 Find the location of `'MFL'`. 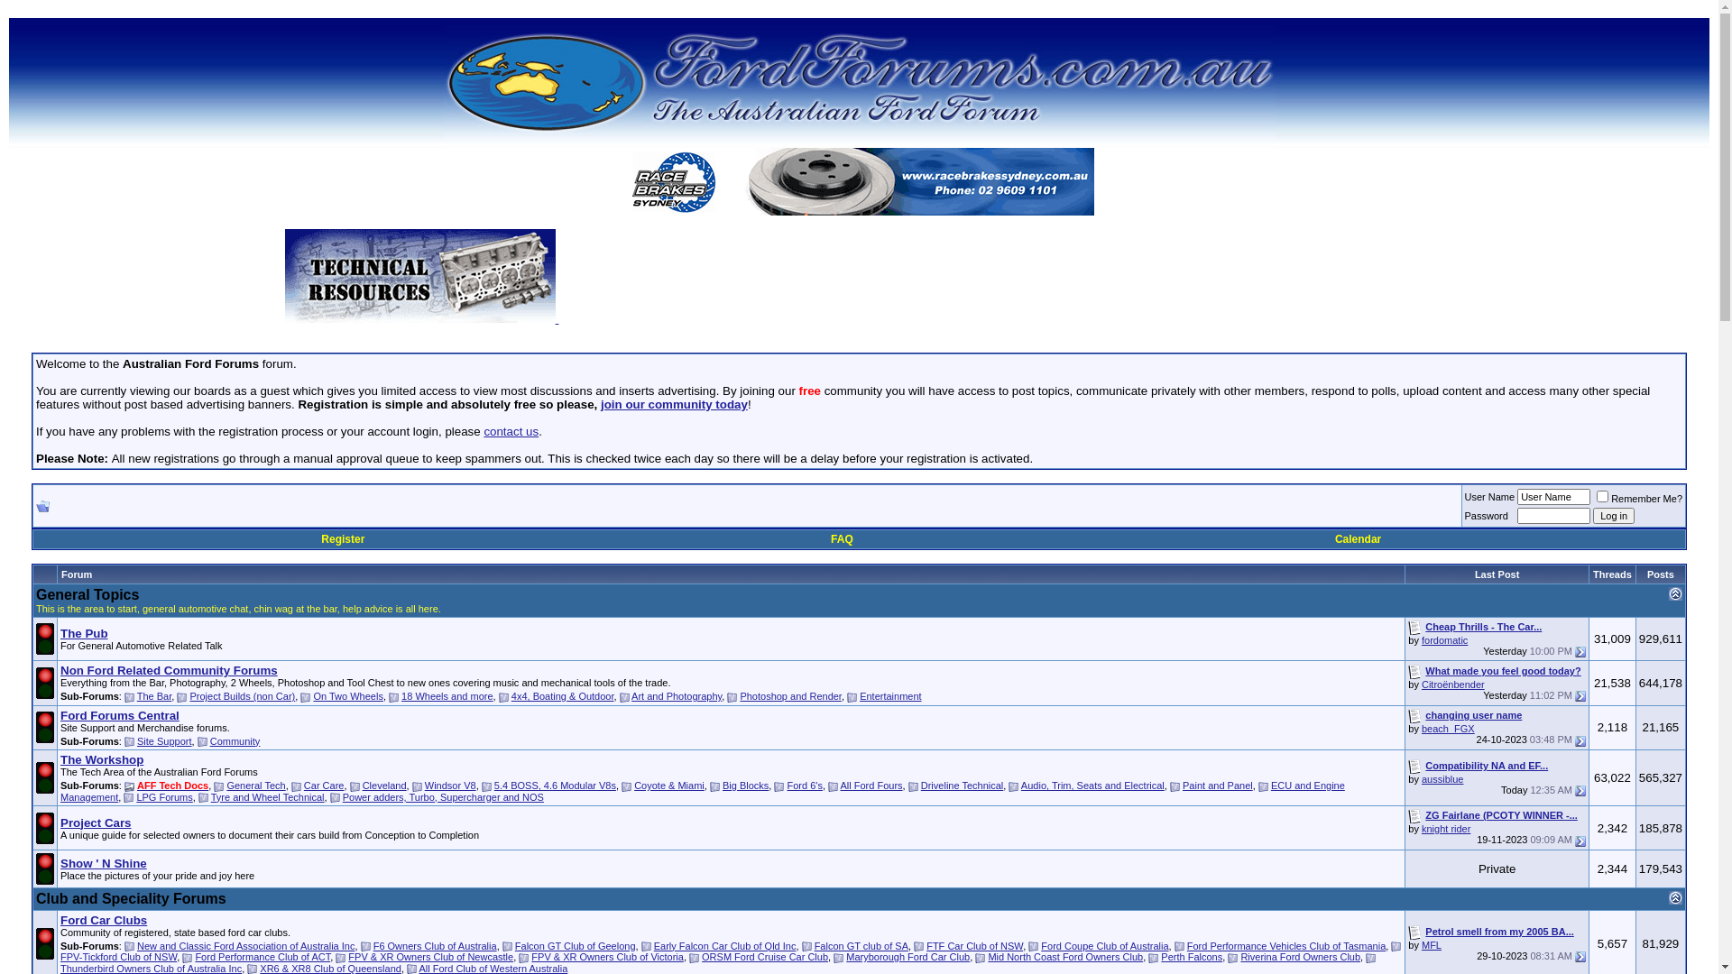

'MFL' is located at coordinates (1431, 944).